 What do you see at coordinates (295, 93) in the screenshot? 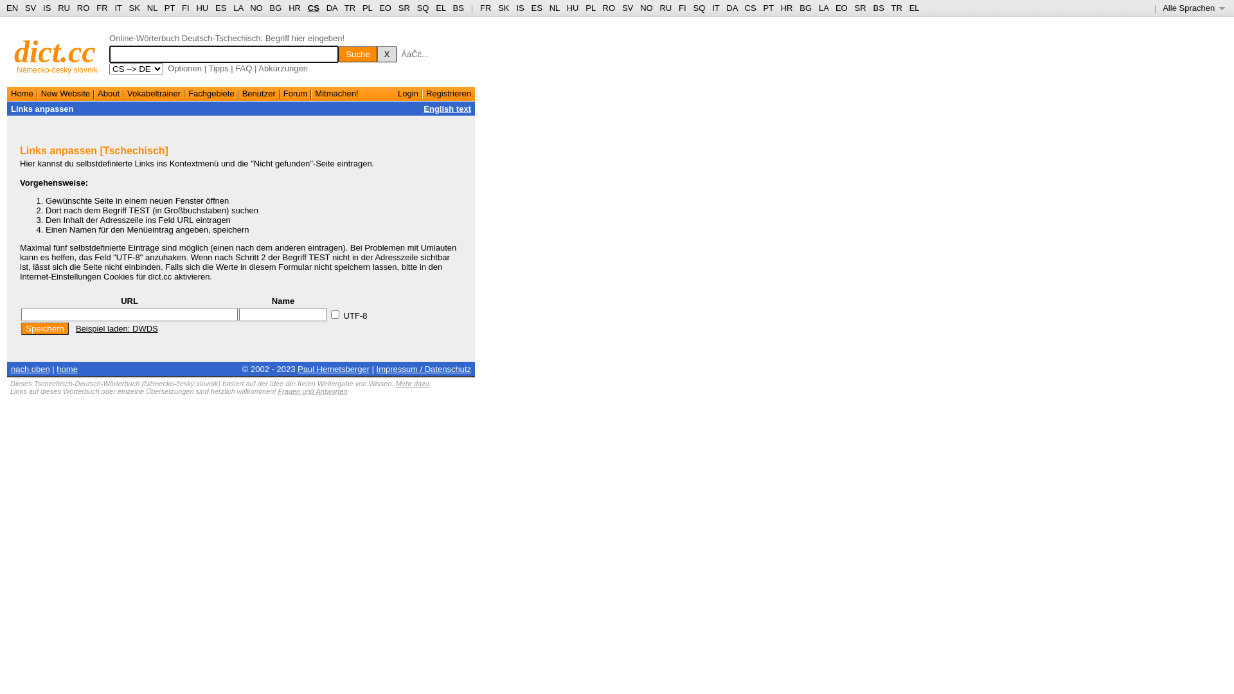
I see `'Forum'` at bounding box center [295, 93].